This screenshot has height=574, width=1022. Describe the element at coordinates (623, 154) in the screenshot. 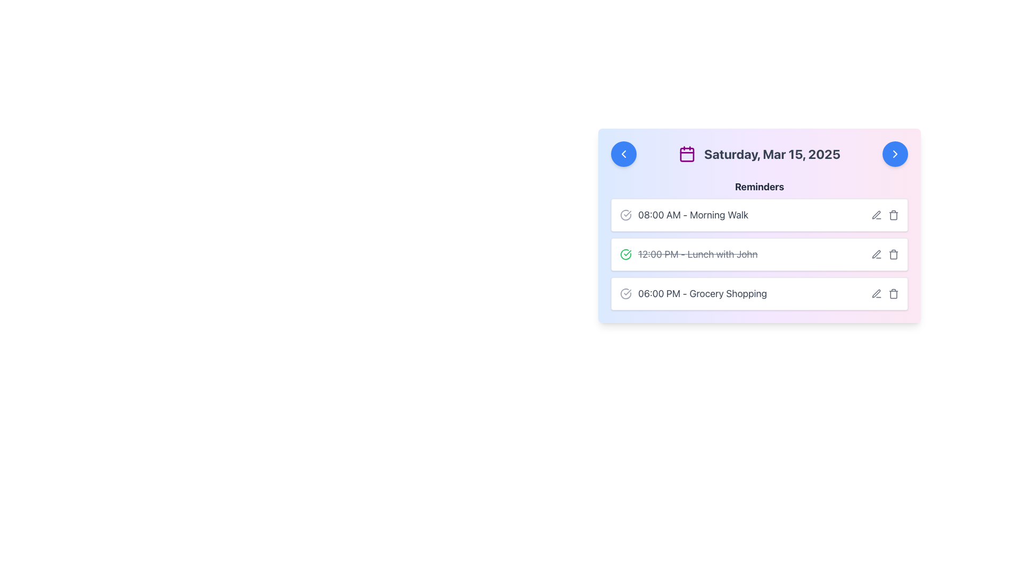

I see `the left-facing chevron icon embedded within the circular blue button located in the upper-left corner of the reminder card interface` at that location.